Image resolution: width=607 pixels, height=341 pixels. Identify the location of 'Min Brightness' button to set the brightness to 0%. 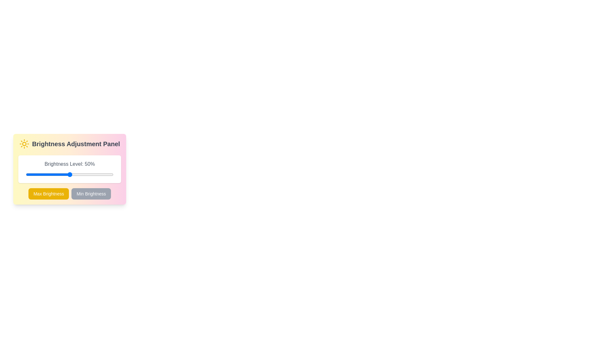
(91, 193).